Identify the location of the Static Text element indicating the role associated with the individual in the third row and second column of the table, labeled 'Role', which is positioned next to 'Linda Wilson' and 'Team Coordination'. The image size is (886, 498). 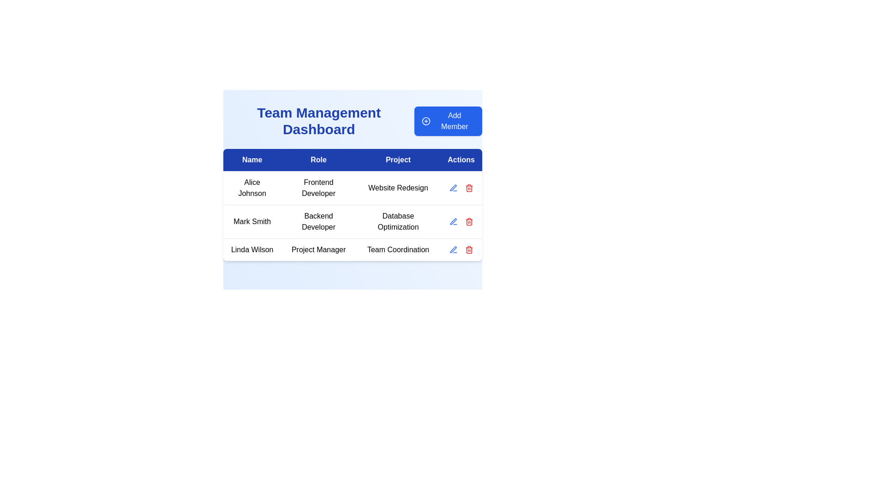
(318, 249).